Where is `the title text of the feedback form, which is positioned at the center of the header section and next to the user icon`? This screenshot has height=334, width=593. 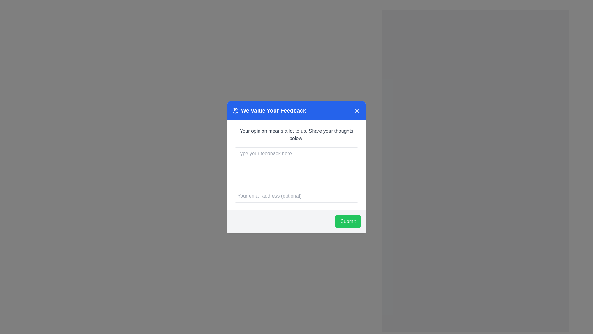
the title text of the feedback form, which is positioned at the center of the header section and next to the user icon is located at coordinates (273, 110).